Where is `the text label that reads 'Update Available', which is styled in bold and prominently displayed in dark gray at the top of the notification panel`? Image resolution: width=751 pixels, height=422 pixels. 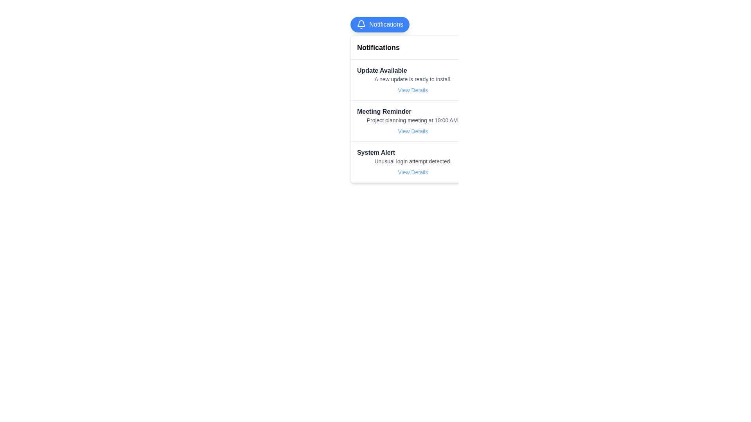
the text label that reads 'Update Available', which is styled in bold and prominently displayed in dark gray at the top of the notification panel is located at coordinates (382, 71).